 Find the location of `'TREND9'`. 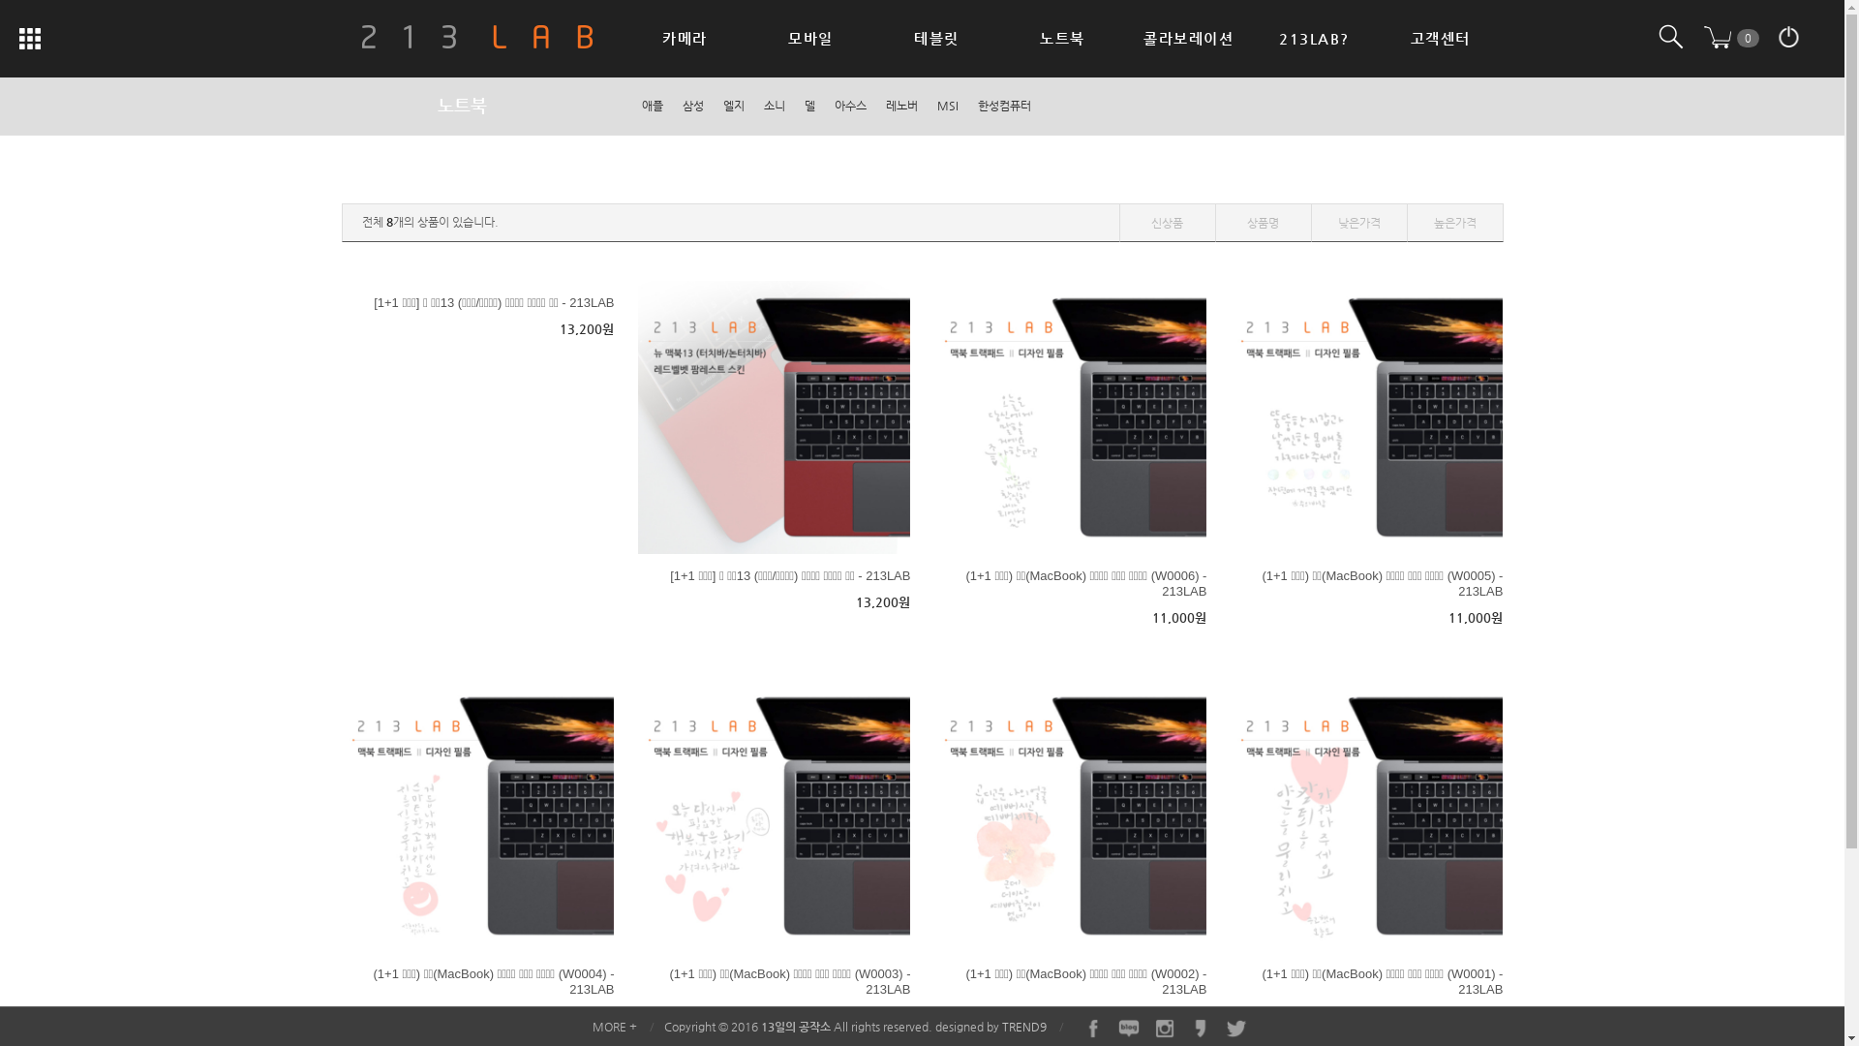

'TREND9' is located at coordinates (1021, 1026).